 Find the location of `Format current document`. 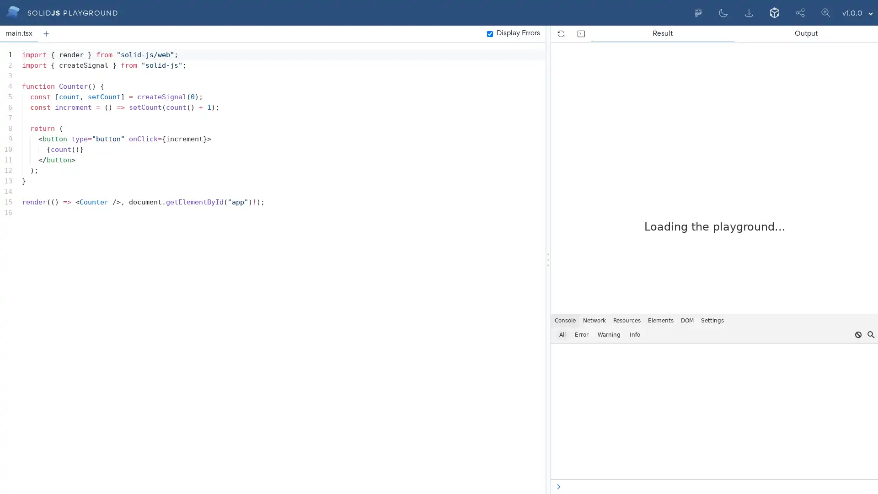

Format current document is located at coordinates (698, 12).